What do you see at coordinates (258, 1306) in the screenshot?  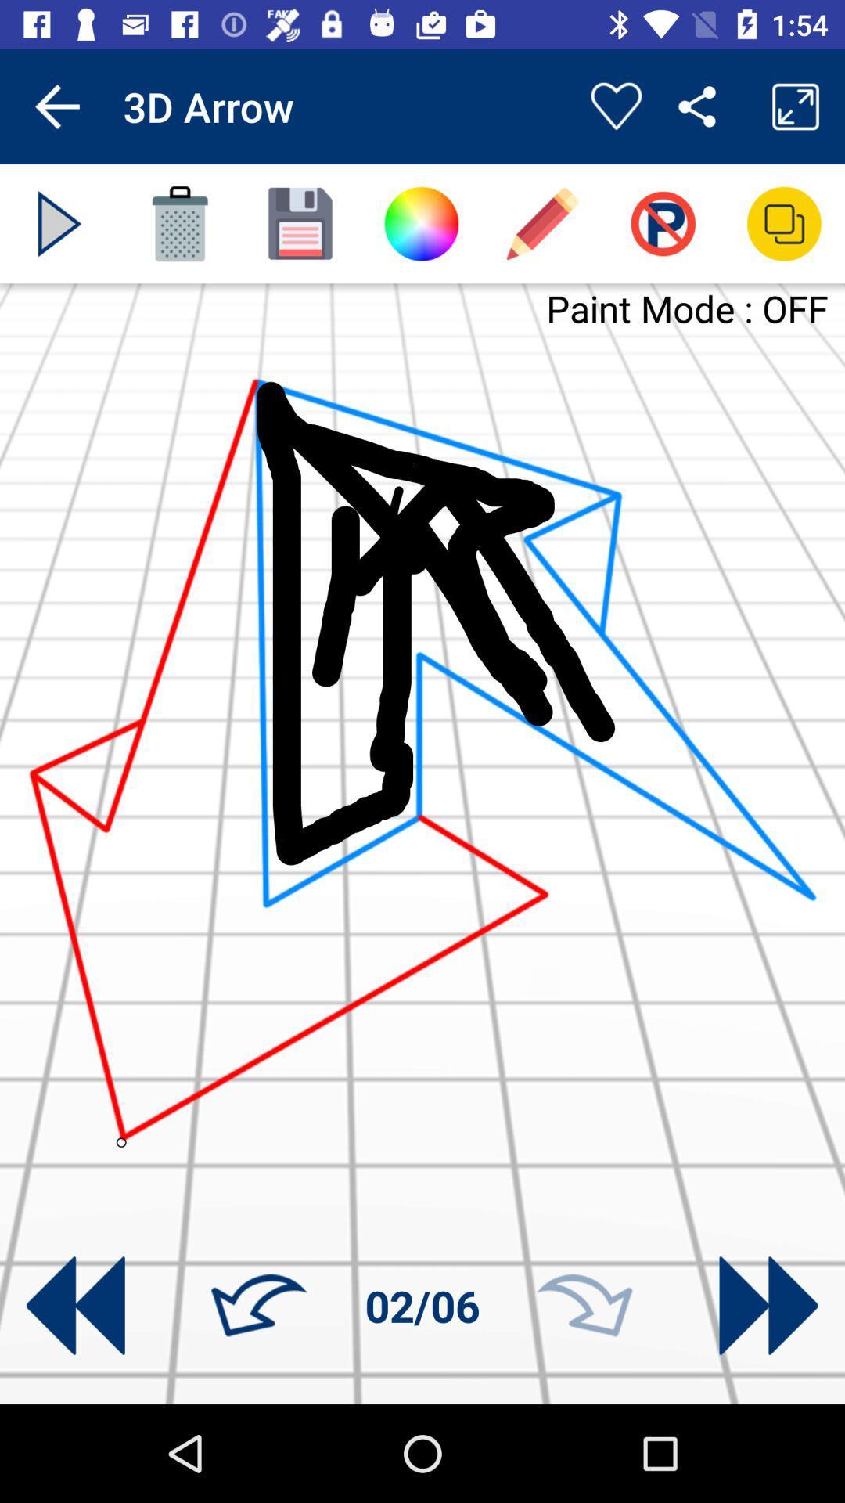 I see `the icon next to 02/06 item` at bounding box center [258, 1306].